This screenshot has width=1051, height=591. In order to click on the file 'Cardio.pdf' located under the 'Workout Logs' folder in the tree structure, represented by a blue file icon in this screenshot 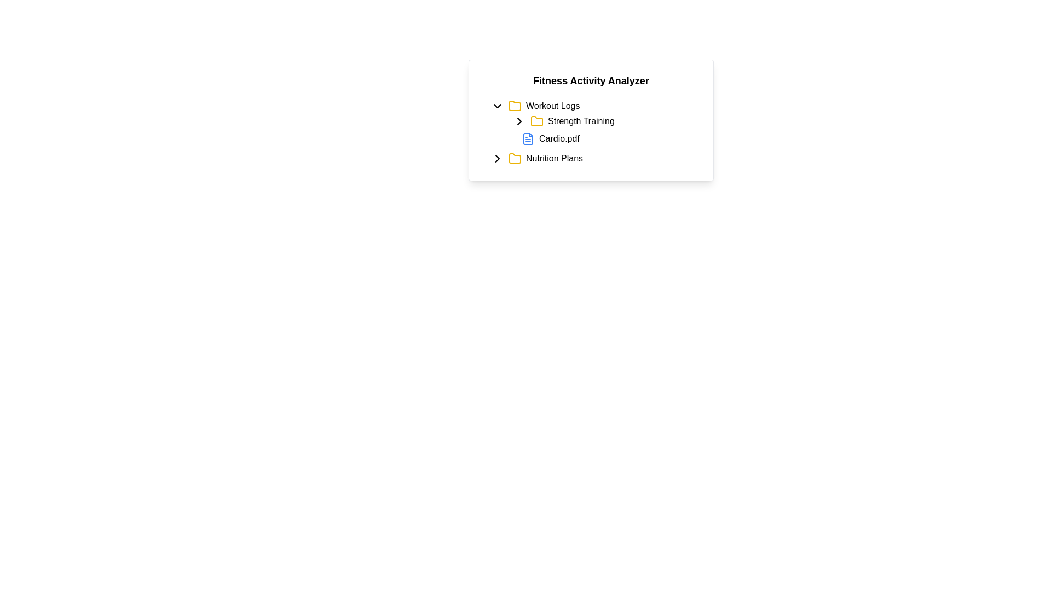, I will do `click(595, 130)`.